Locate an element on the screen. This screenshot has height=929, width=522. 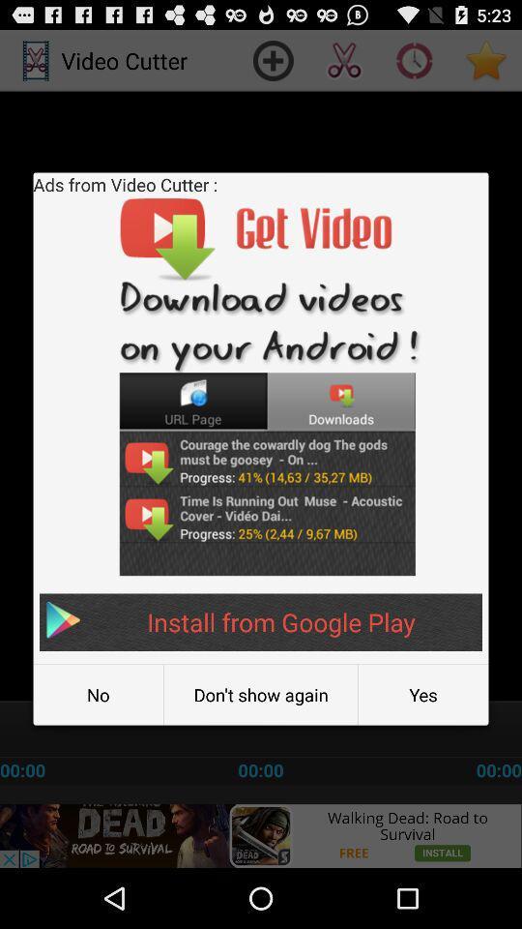
the don t show item is located at coordinates (261, 695).